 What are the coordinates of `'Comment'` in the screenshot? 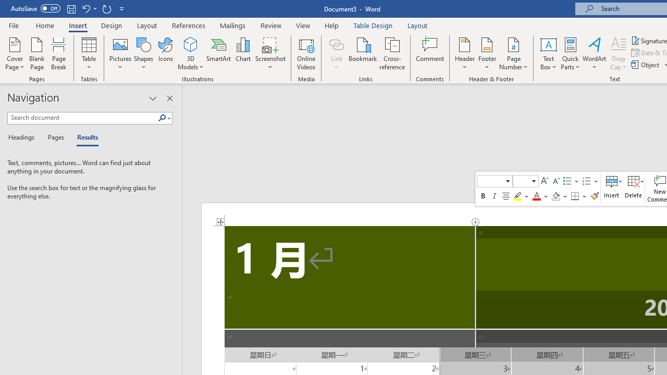 It's located at (430, 54).